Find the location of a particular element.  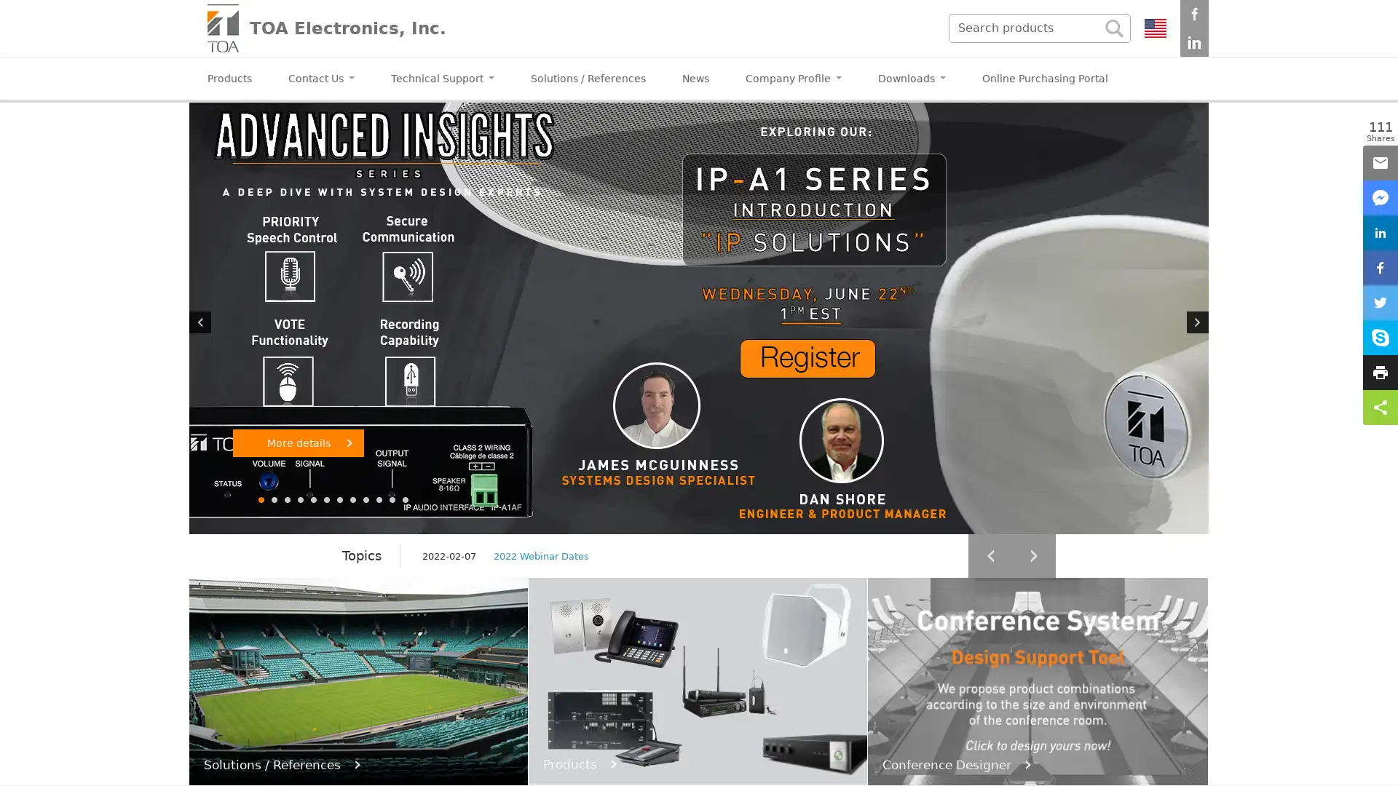

Previous is located at coordinates (990, 555).